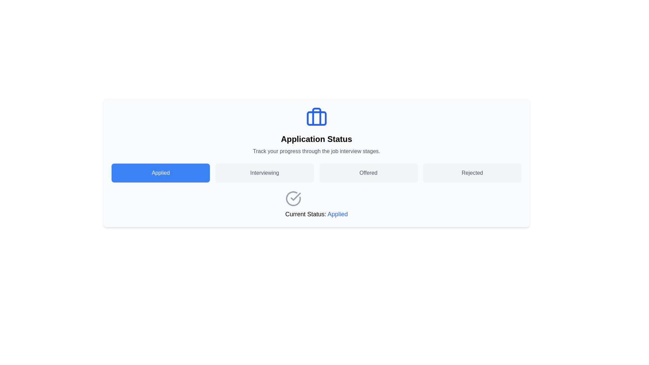 The height and width of the screenshot is (365, 649). Describe the element at coordinates (264, 173) in the screenshot. I see `the 'Interviewing' button, which is a rectangular button with rounded corners, light gray background, and dark gray text, located between the 'Applied' and 'Offered' buttons` at that location.